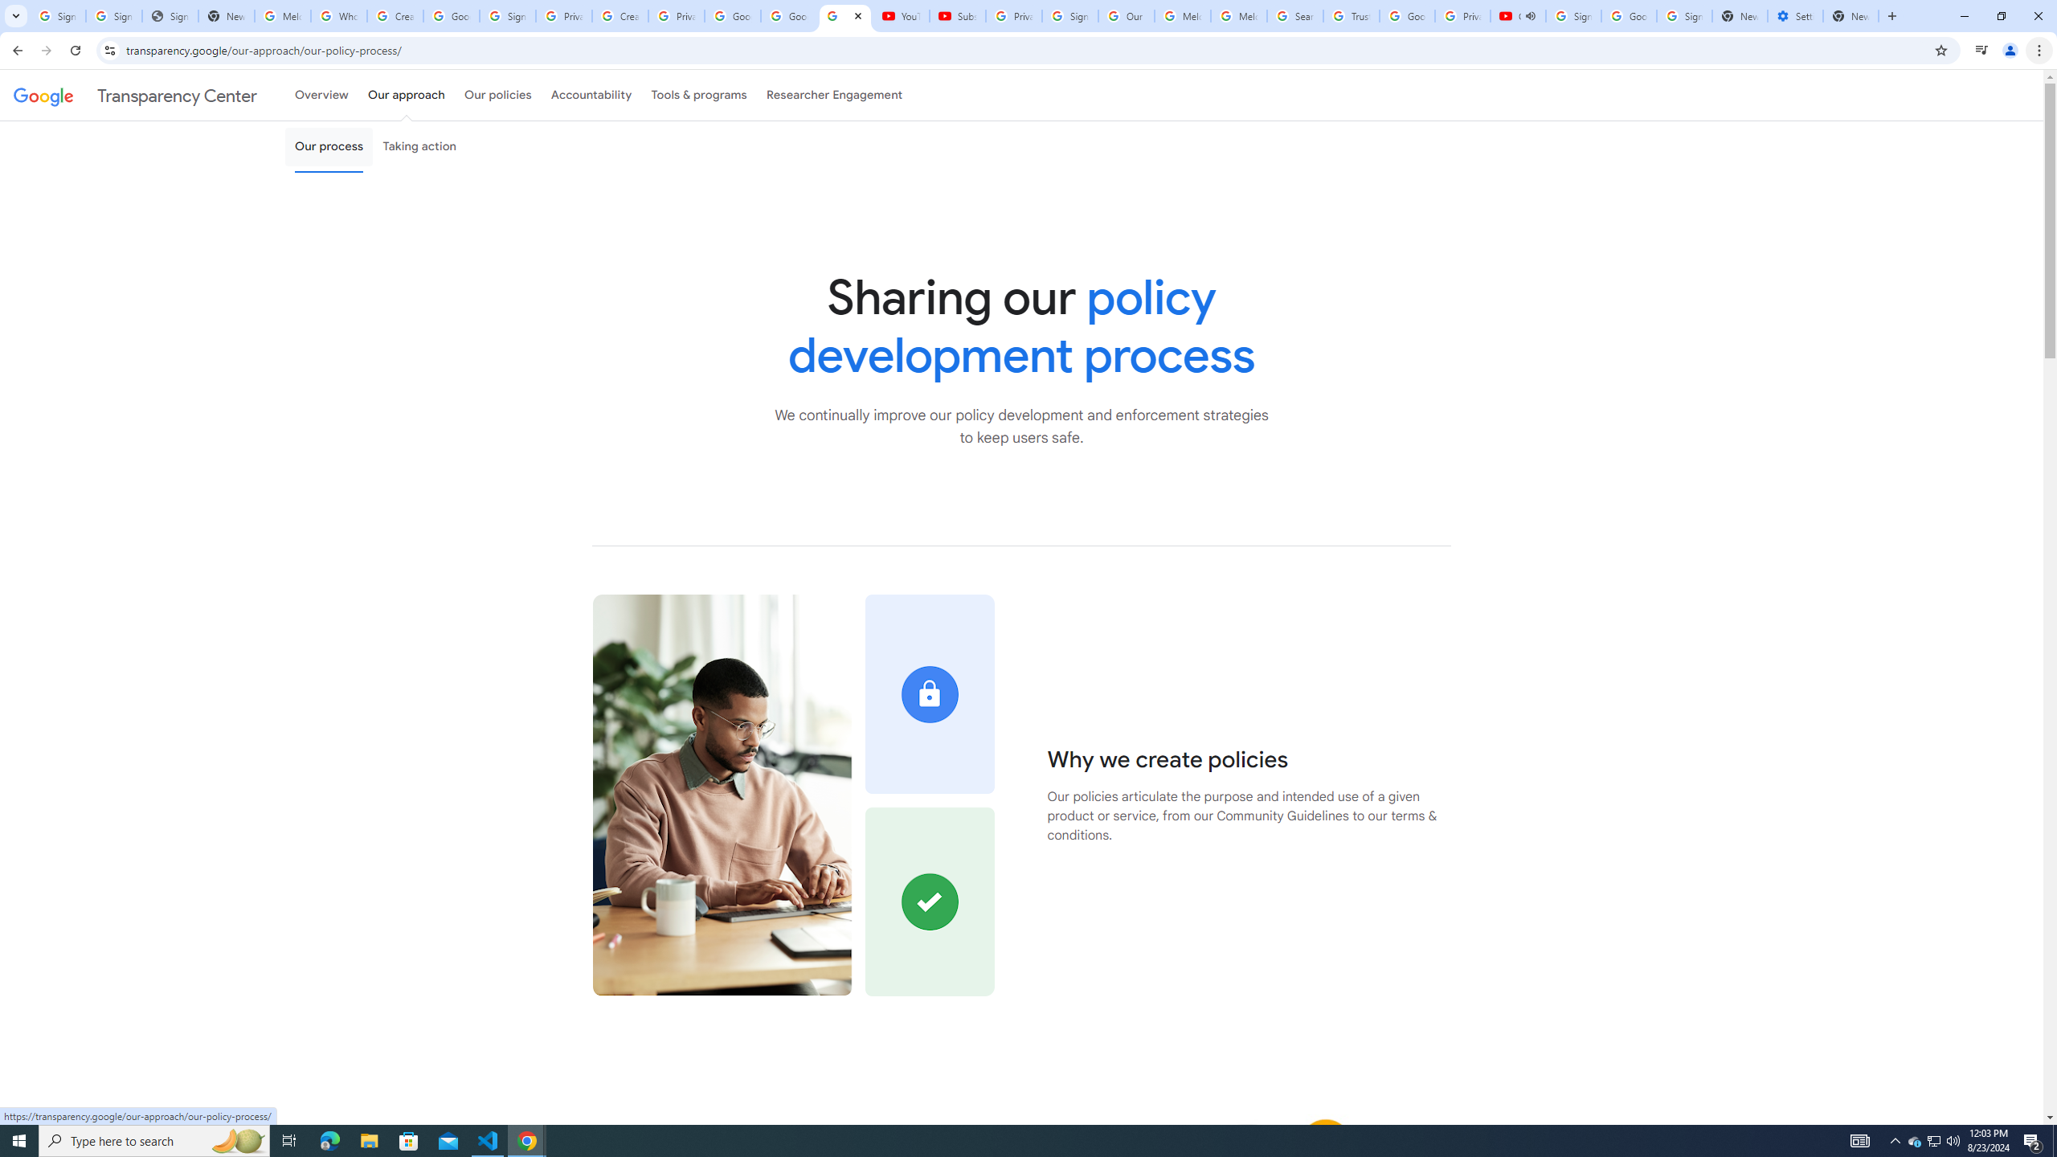 Image resolution: width=2057 pixels, height=1157 pixels. Describe the element at coordinates (591, 95) in the screenshot. I see `'Accountability'` at that location.